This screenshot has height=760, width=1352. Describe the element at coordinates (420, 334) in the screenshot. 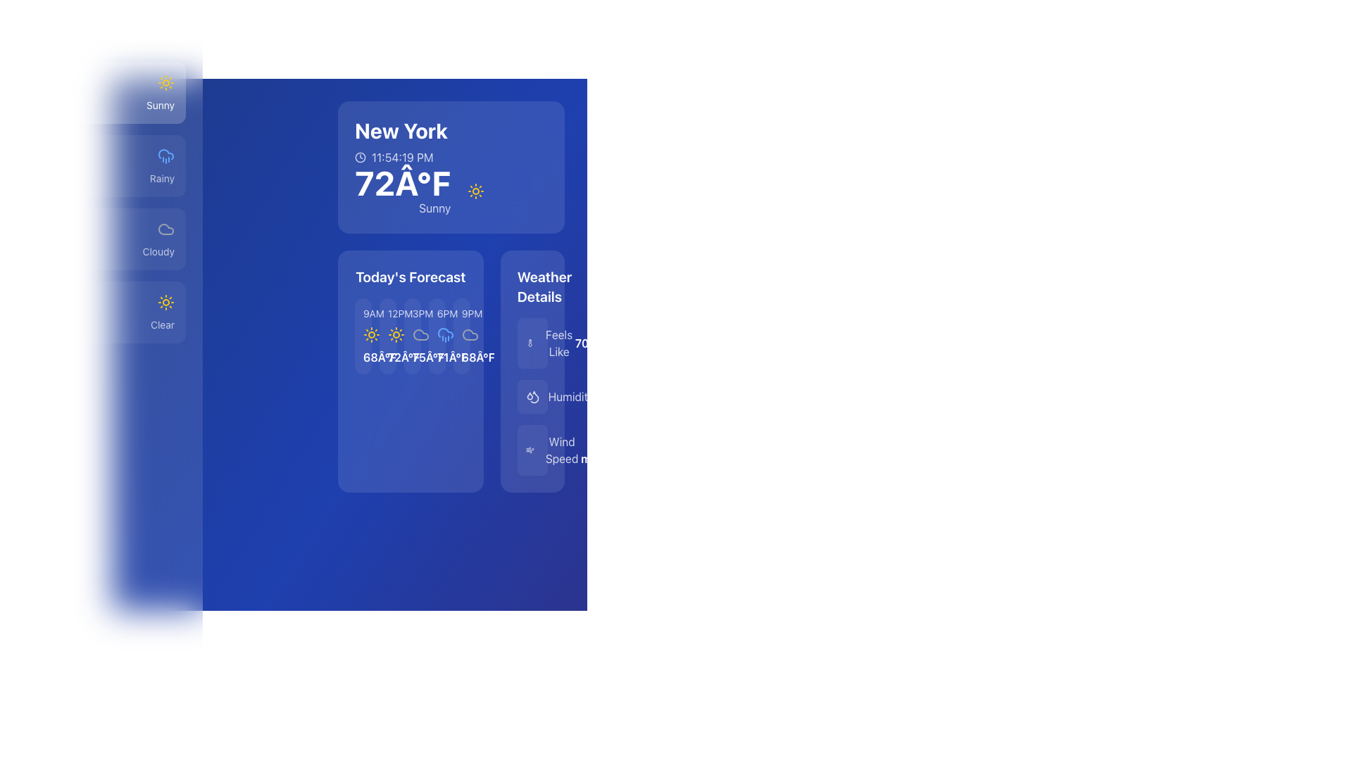

I see `the cloud icon in the 'Today's Forecast' section, which is styled with a light gray color and has a rounded outline, positioned centrally among other weather-related icons` at that location.